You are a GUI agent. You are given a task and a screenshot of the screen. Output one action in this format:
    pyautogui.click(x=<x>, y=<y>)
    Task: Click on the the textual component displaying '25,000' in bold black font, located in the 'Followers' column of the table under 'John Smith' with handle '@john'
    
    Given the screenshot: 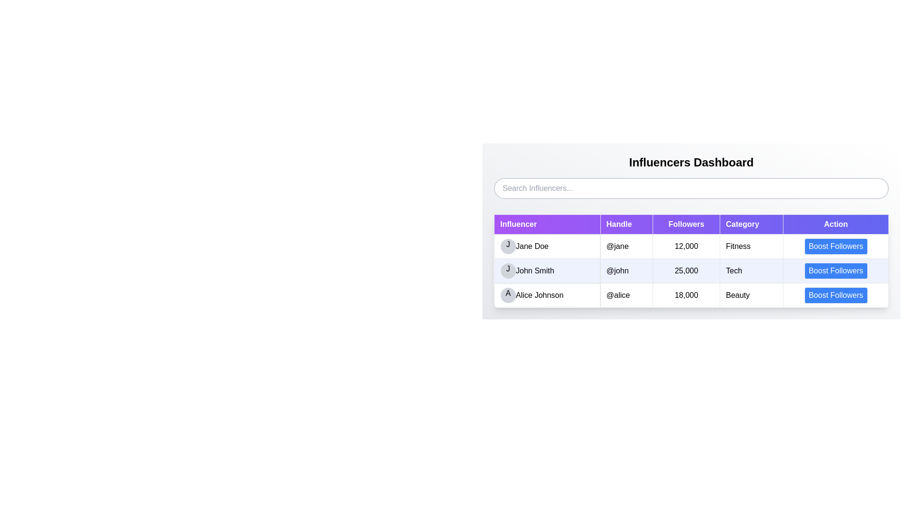 What is the action you would take?
    pyautogui.click(x=686, y=271)
    